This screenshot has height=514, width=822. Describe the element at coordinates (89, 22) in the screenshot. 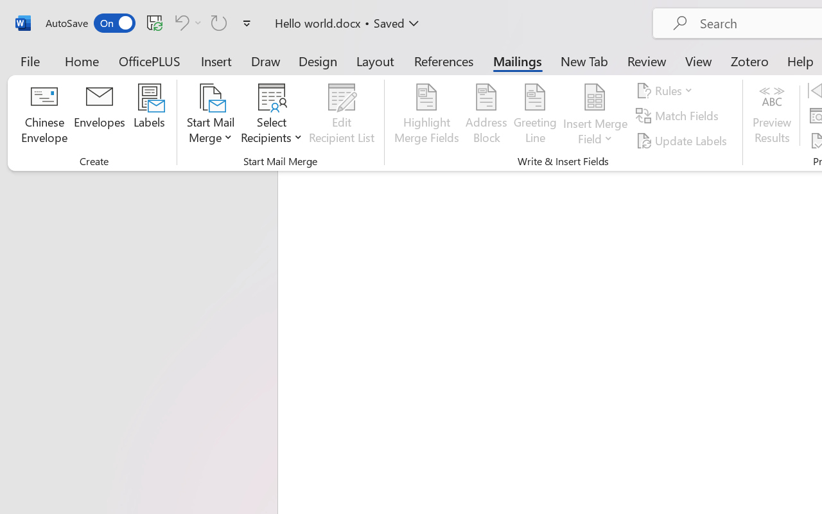

I see `'AutoSave'` at that location.